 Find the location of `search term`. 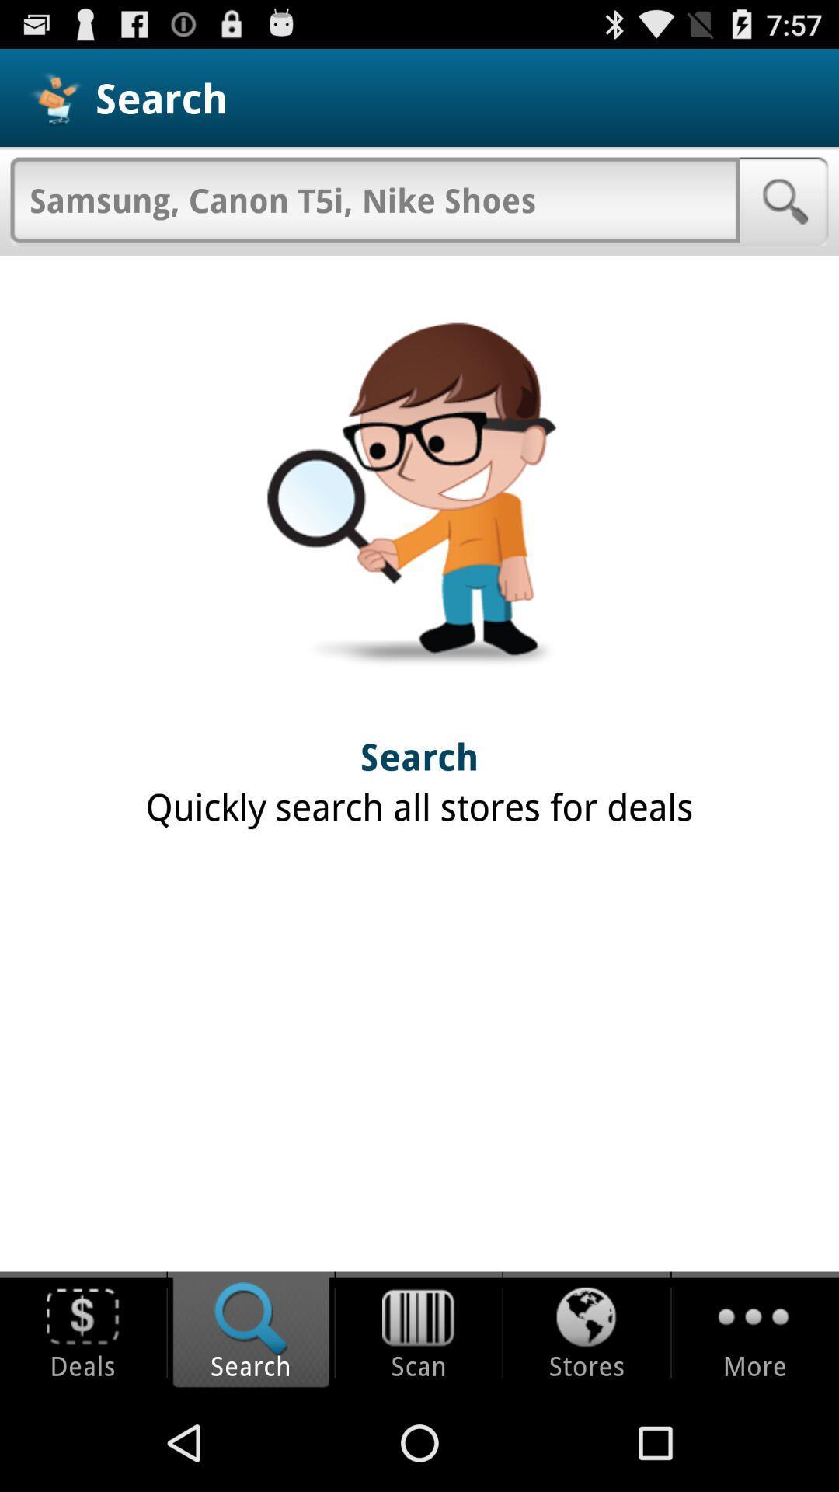

search term is located at coordinates (374, 199).